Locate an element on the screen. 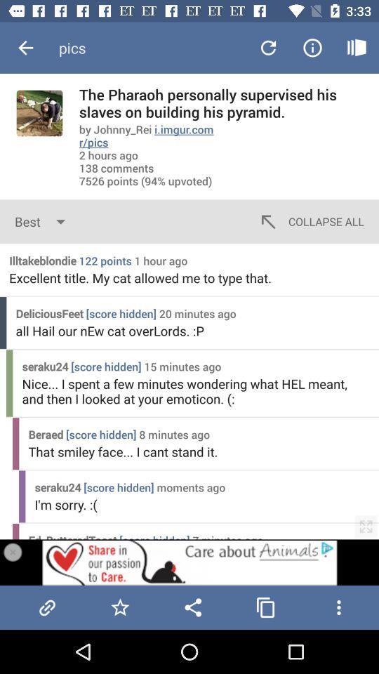 Image resolution: width=379 pixels, height=674 pixels. the fullscreen icon is located at coordinates (366, 525).